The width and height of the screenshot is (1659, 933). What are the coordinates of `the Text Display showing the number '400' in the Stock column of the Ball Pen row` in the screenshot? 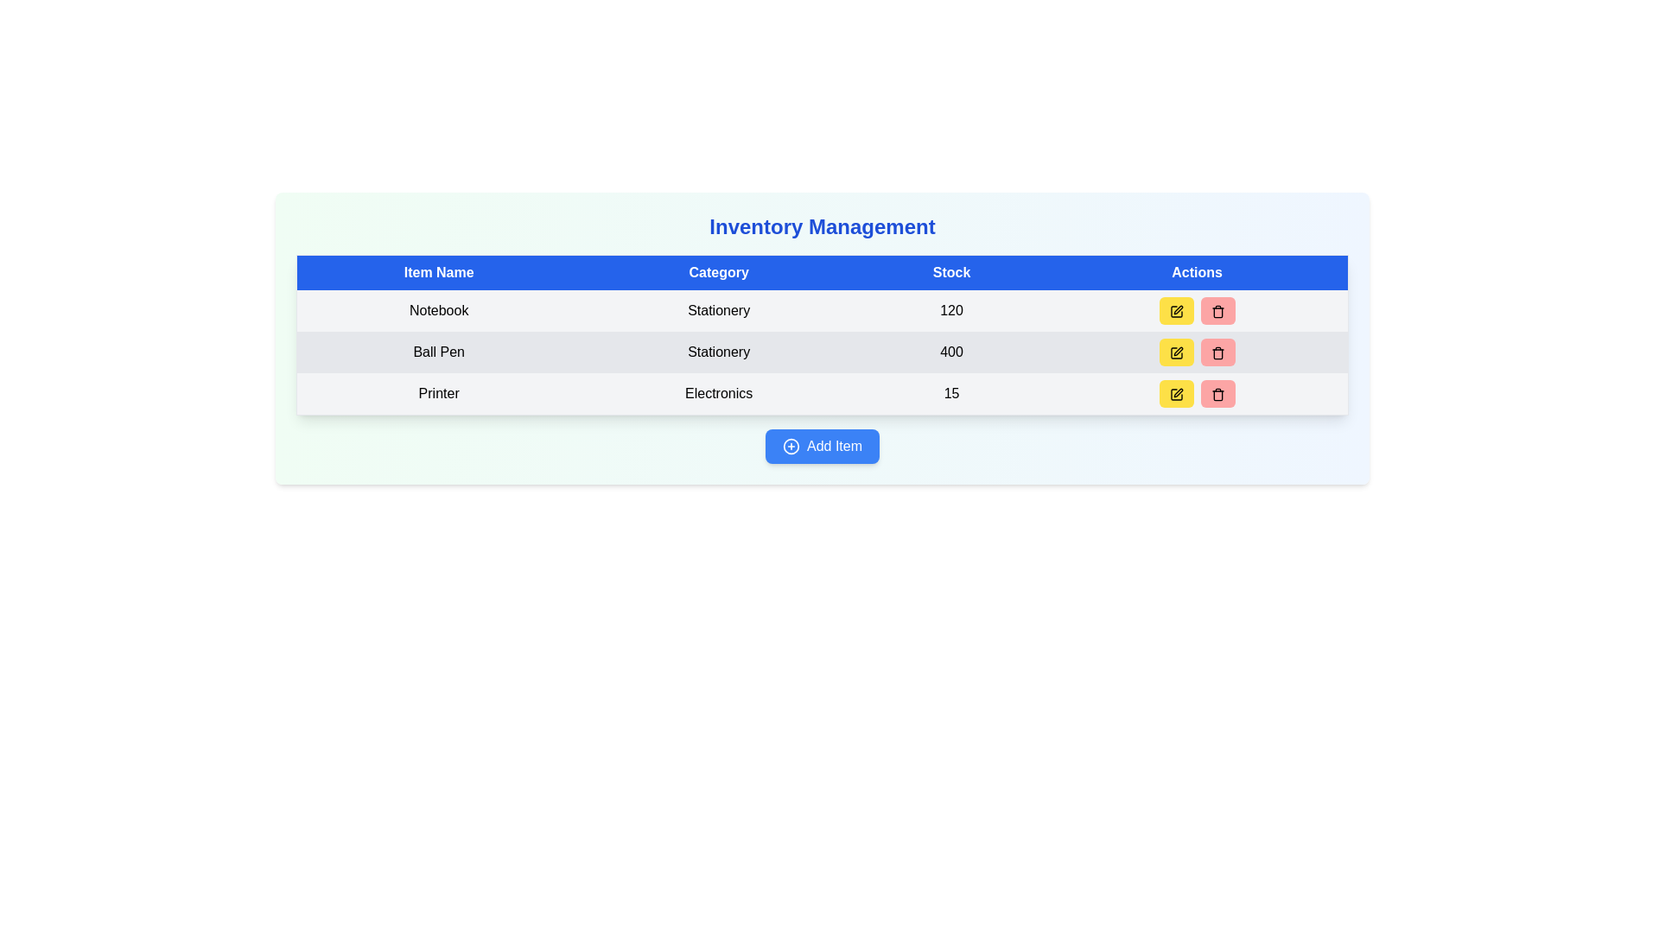 It's located at (950, 352).